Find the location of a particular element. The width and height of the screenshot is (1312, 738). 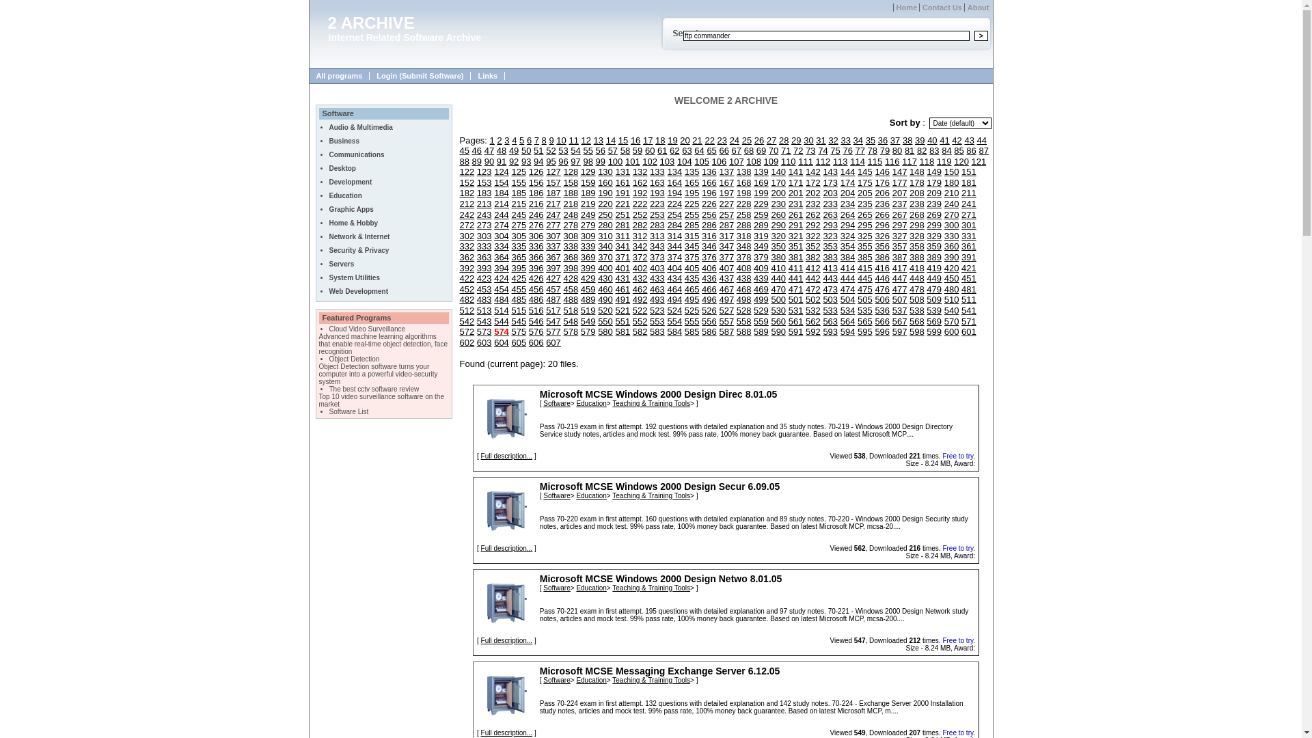

'329' is located at coordinates (933, 235).